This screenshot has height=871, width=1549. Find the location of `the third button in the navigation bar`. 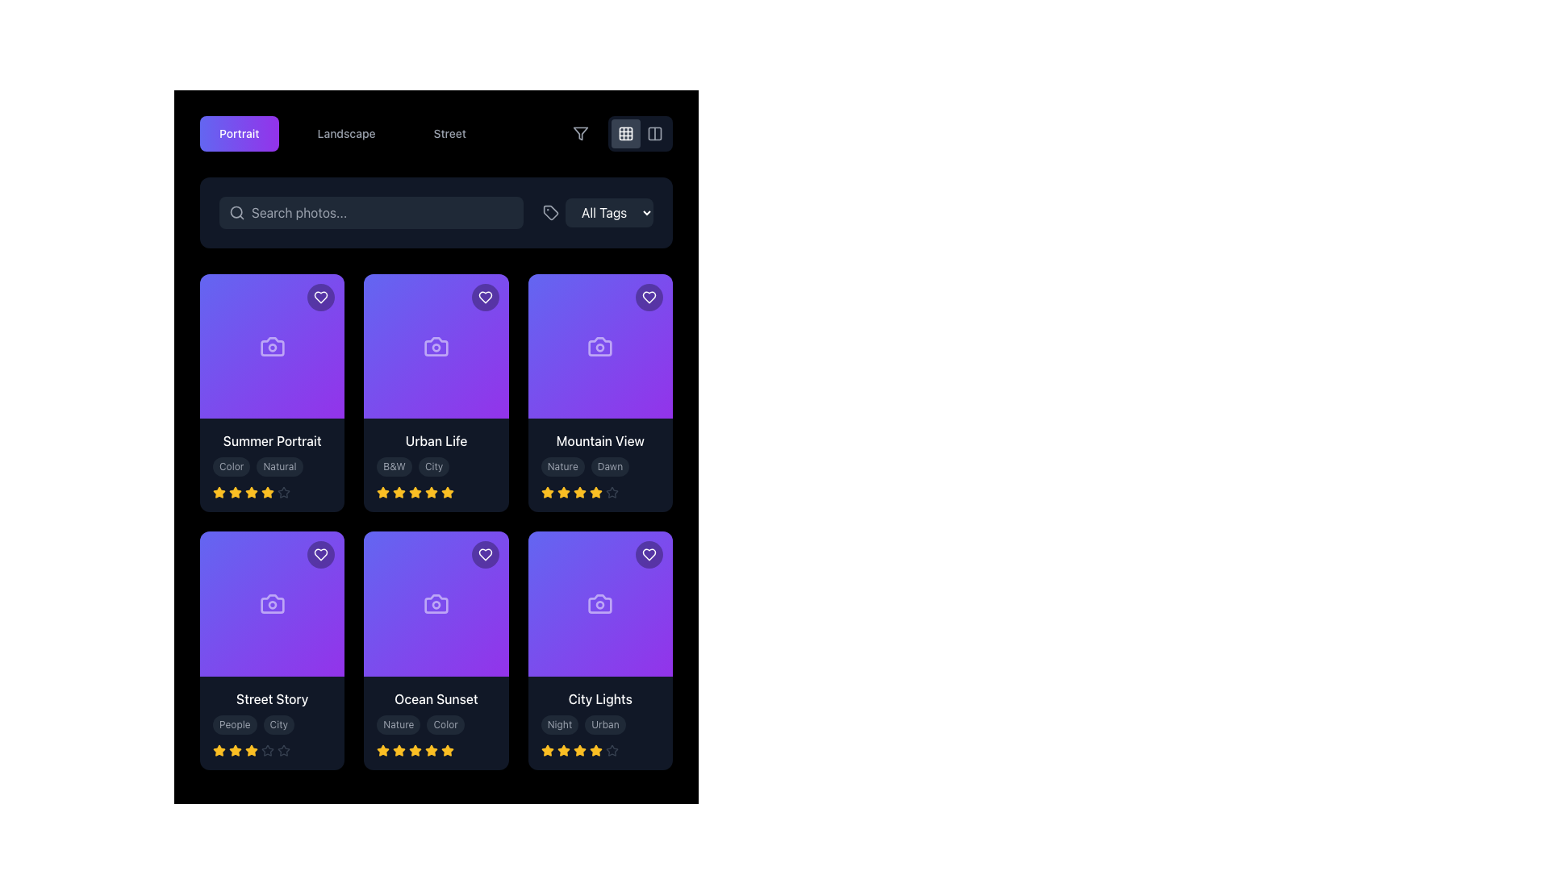

the third button in the navigation bar is located at coordinates (436, 132).